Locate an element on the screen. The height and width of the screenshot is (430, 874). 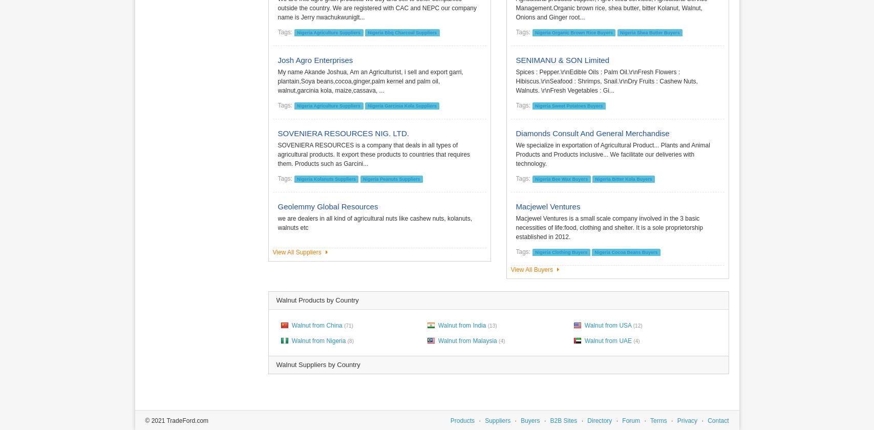
'(13)' is located at coordinates (492, 325).